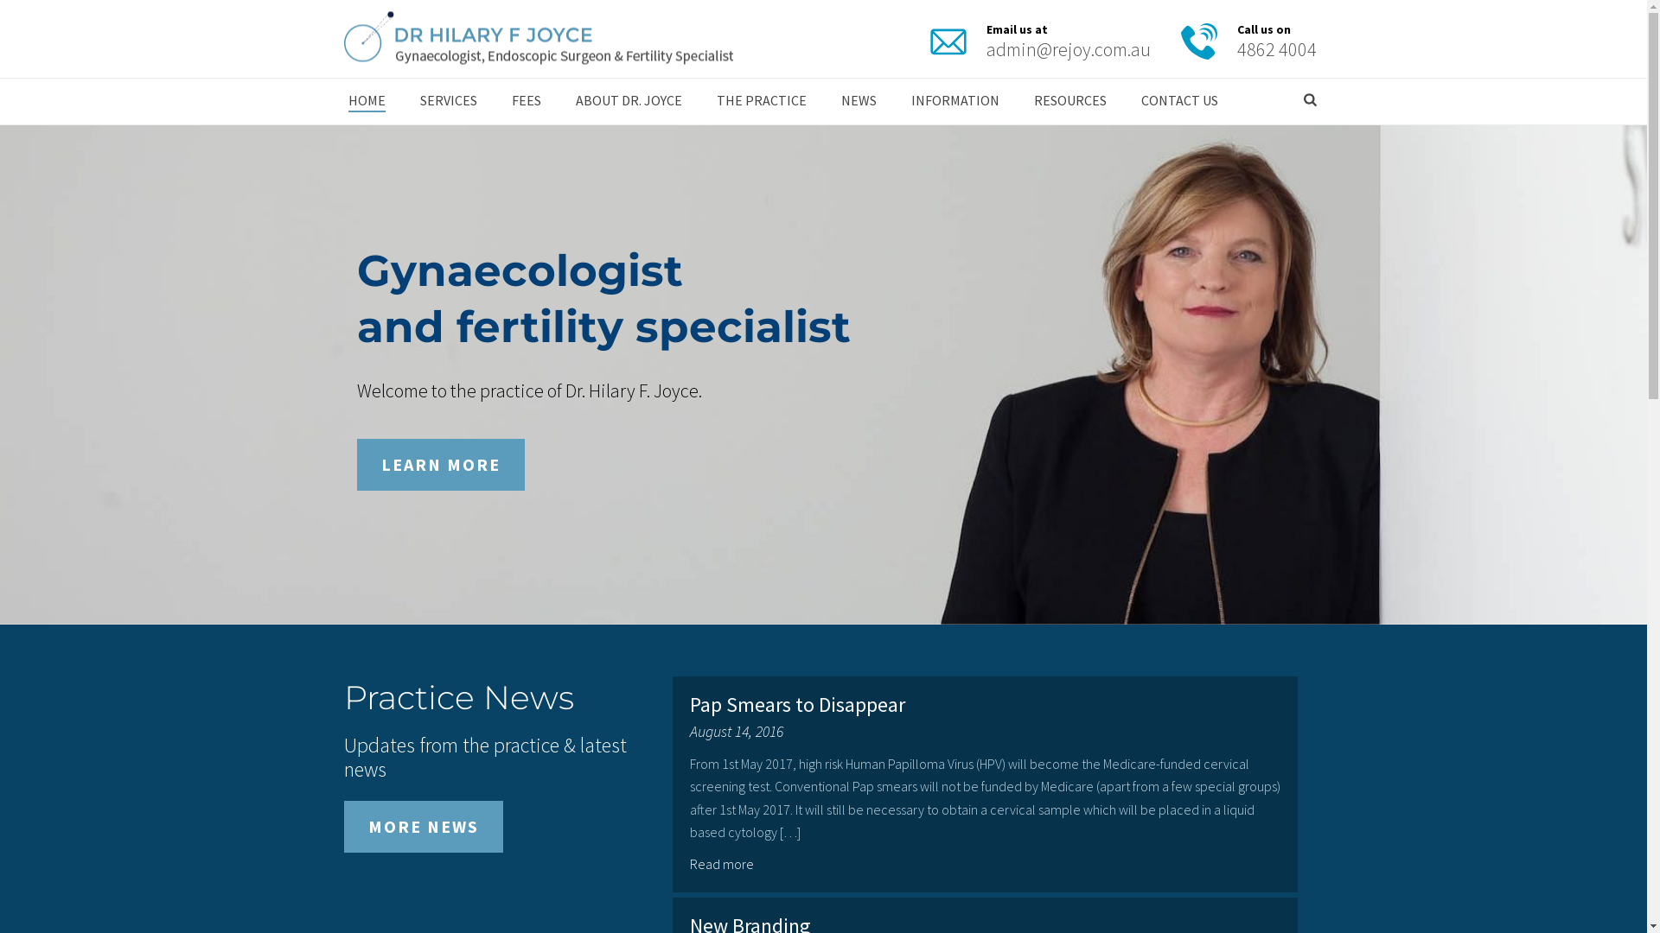  What do you see at coordinates (954, 101) in the screenshot?
I see `'INFORMATION'` at bounding box center [954, 101].